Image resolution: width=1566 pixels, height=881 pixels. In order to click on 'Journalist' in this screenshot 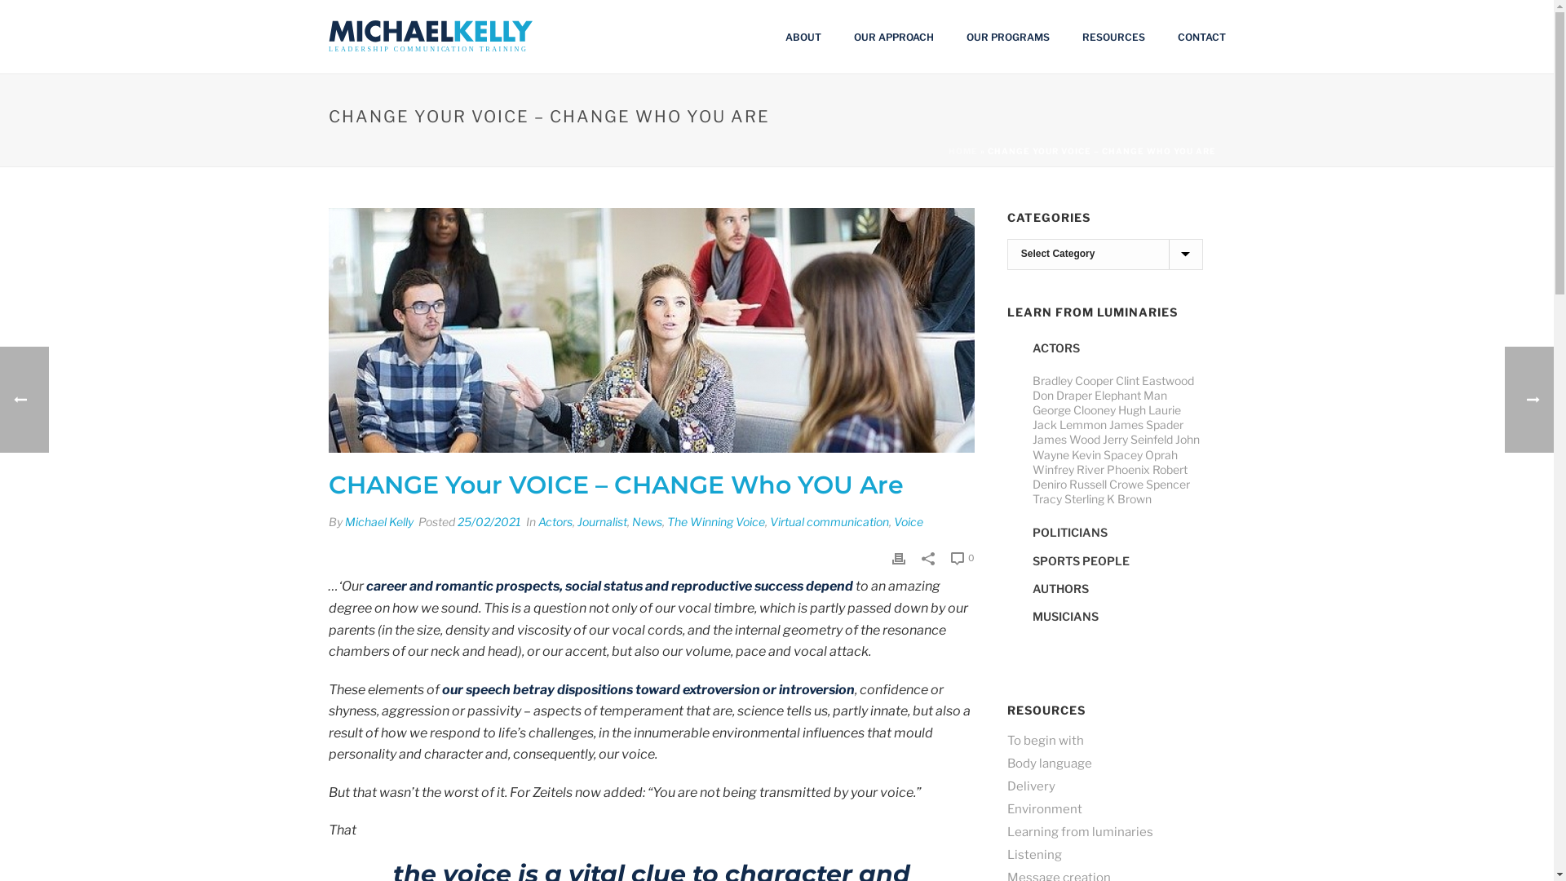, I will do `click(601, 521)`.